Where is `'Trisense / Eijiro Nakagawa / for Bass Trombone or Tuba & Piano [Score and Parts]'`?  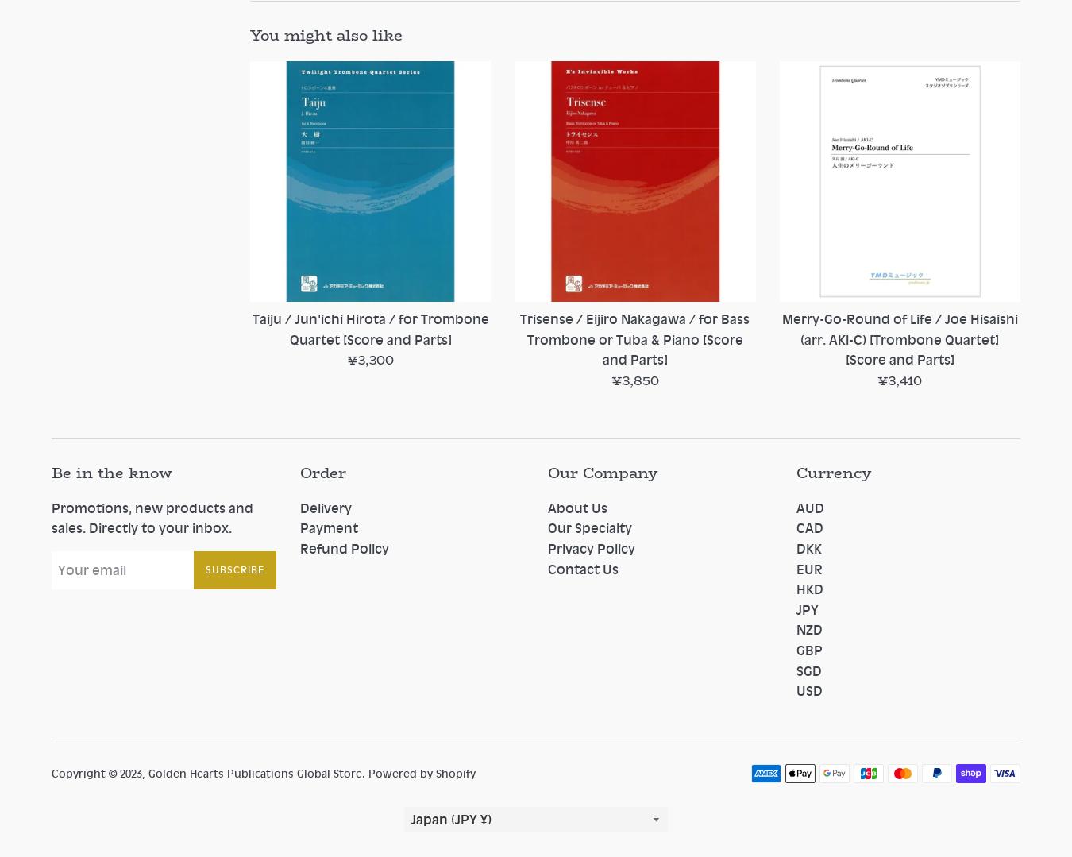
'Trisense / Eijiro Nakagawa / for Bass Trombone or Tuba & Piano [Score and Parts]' is located at coordinates (634, 339).